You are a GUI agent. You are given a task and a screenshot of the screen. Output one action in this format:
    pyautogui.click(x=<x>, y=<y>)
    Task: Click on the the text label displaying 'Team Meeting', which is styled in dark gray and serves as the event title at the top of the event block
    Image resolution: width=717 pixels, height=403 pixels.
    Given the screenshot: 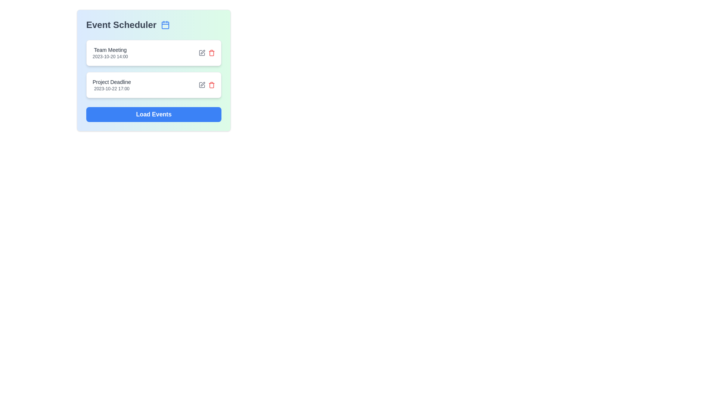 What is the action you would take?
    pyautogui.click(x=110, y=50)
    